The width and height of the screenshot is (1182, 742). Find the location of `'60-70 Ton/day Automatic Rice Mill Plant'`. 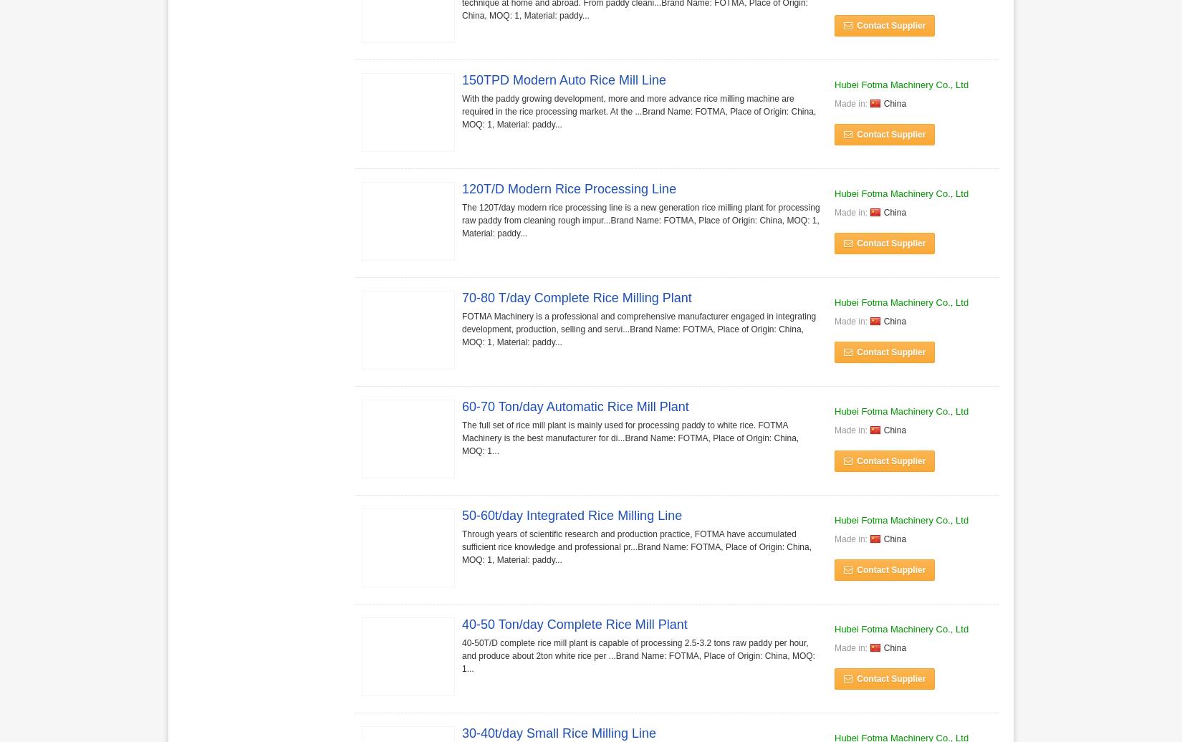

'60-70 Ton/day Automatic Rice Mill Plant' is located at coordinates (575, 406).